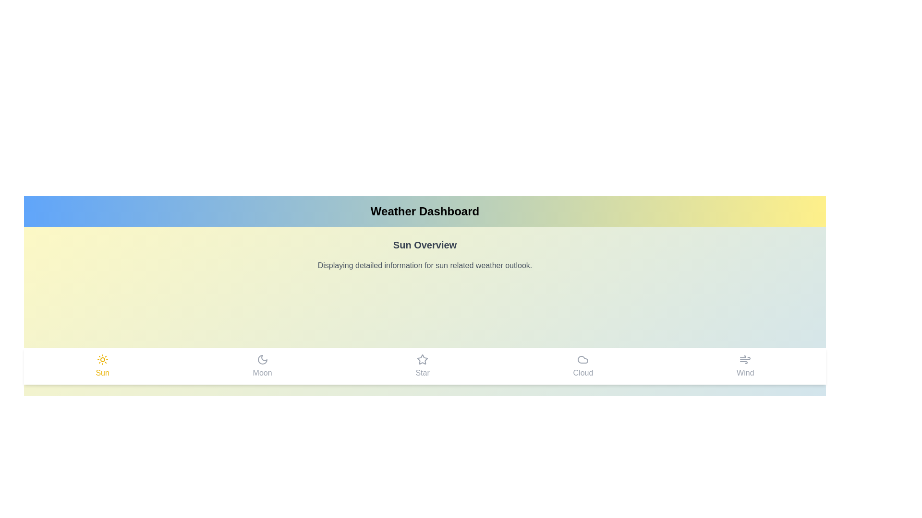 This screenshot has height=518, width=922. I want to click on the Cloud tab in the navigation bar, so click(582, 366).